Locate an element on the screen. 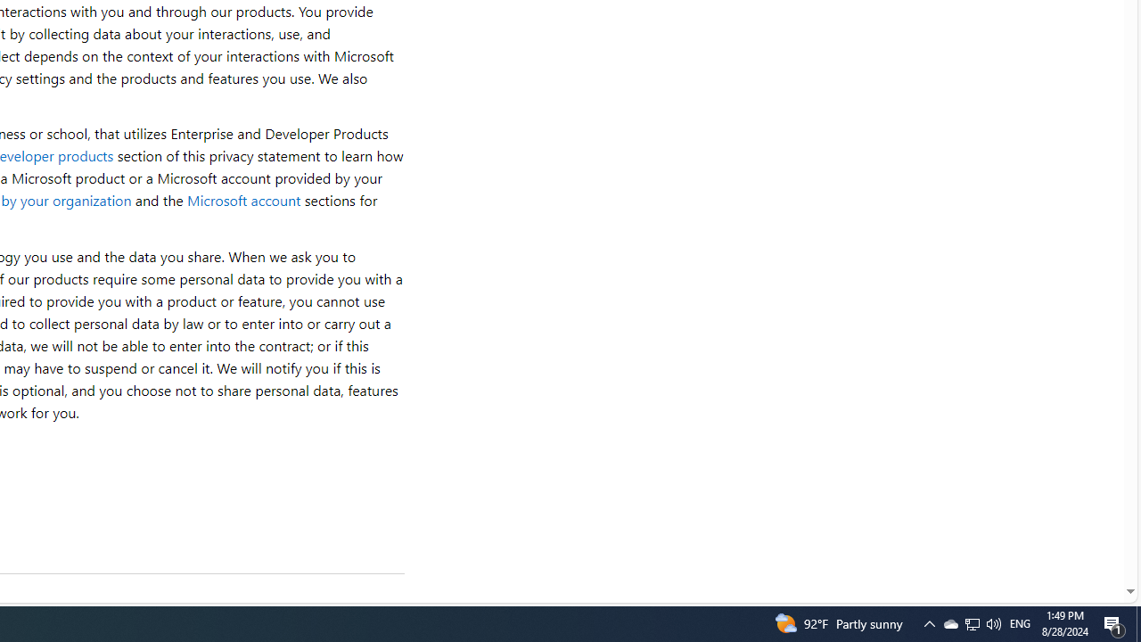 The height and width of the screenshot is (642, 1141). 'Microsoft account' is located at coordinates (242, 201).